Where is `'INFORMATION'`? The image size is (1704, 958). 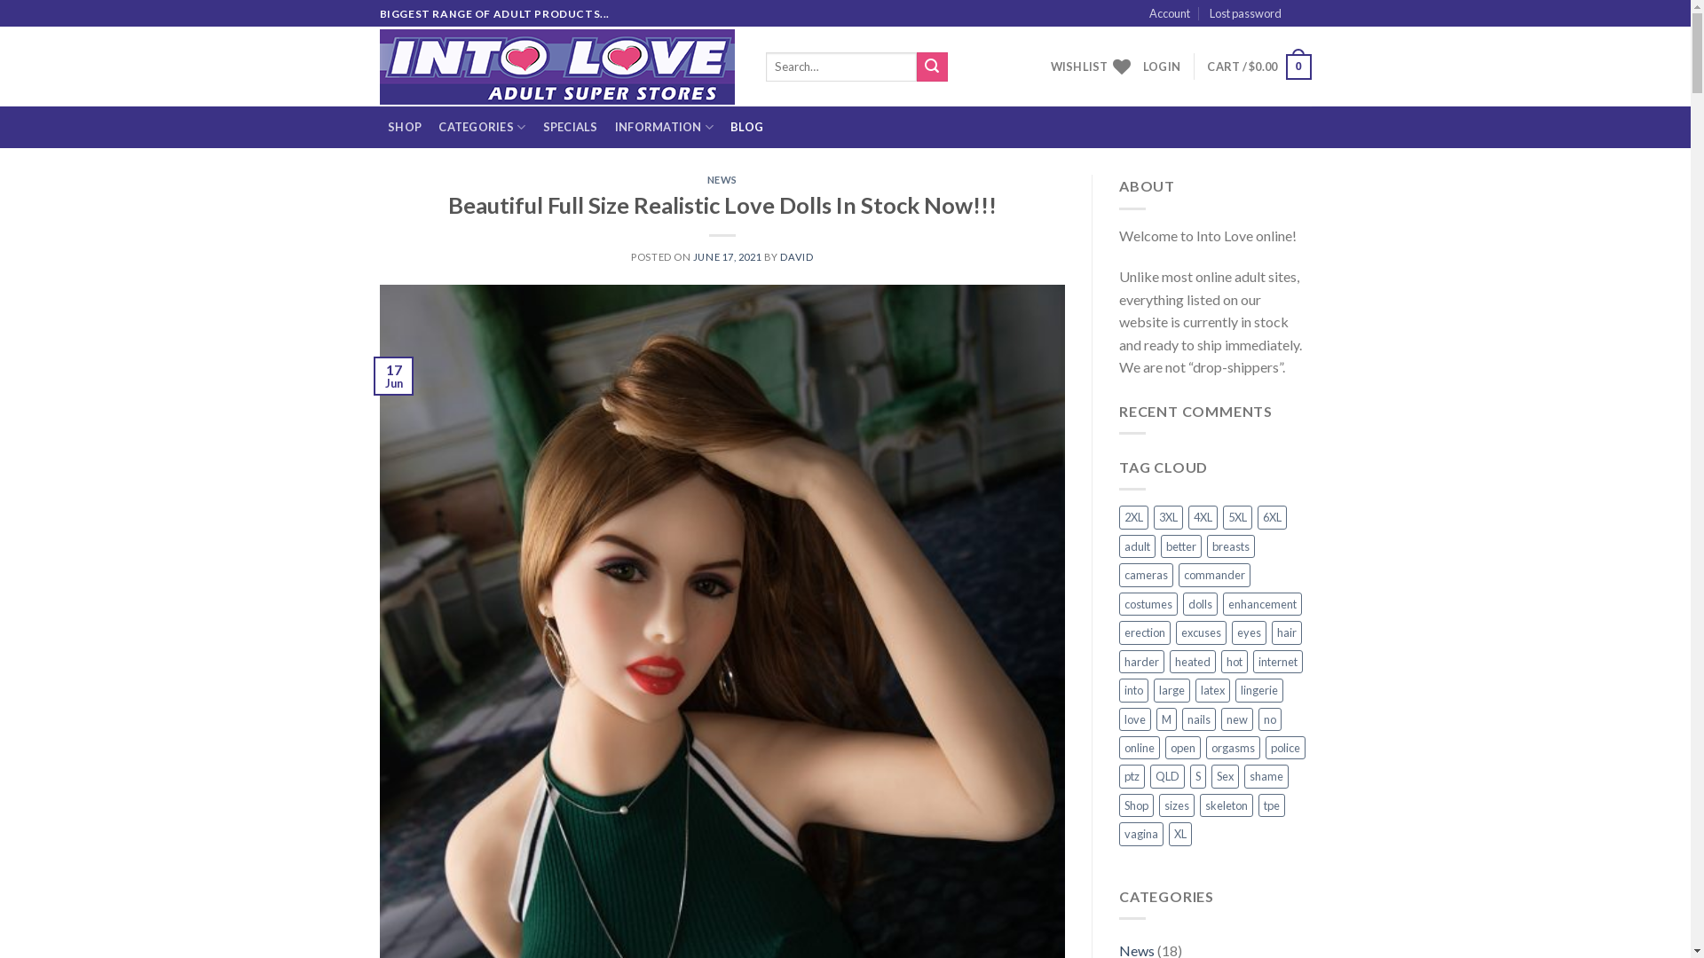 'INFORMATION' is located at coordinates (663, 126).